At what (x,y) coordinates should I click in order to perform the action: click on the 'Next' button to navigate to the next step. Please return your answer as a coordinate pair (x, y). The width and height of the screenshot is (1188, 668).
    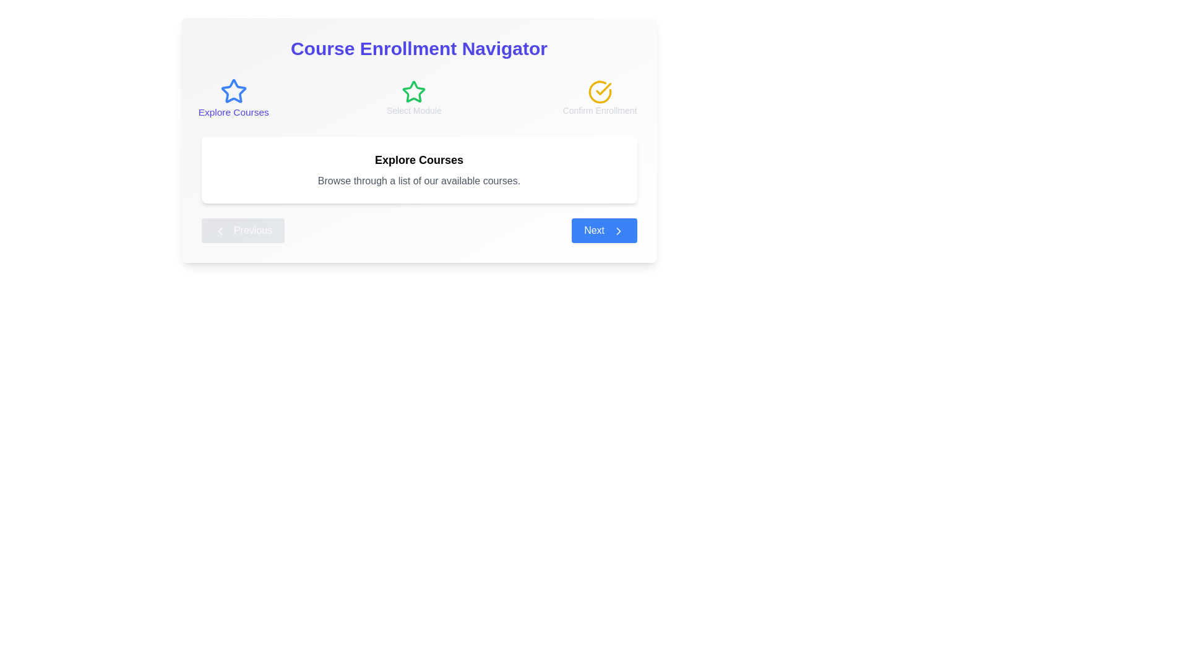
    Looking at the image, I should click on (604, 231).